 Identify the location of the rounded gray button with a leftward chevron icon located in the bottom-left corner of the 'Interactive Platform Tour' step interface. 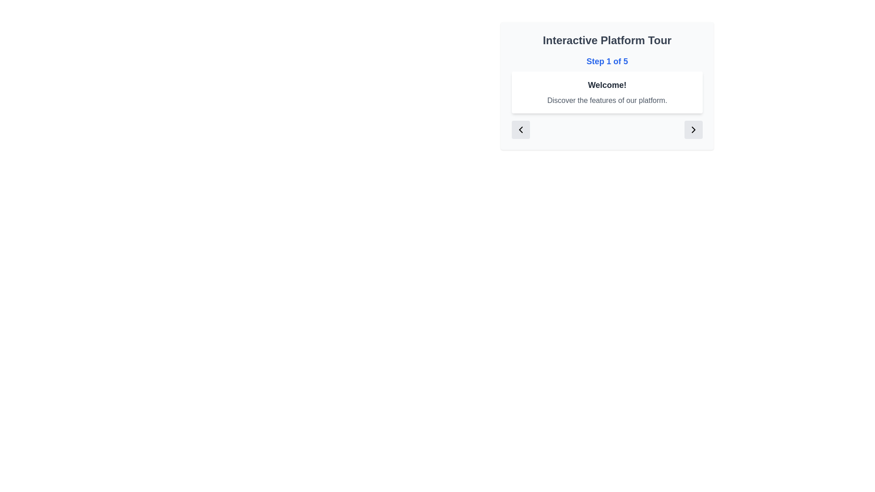
(520, 130).